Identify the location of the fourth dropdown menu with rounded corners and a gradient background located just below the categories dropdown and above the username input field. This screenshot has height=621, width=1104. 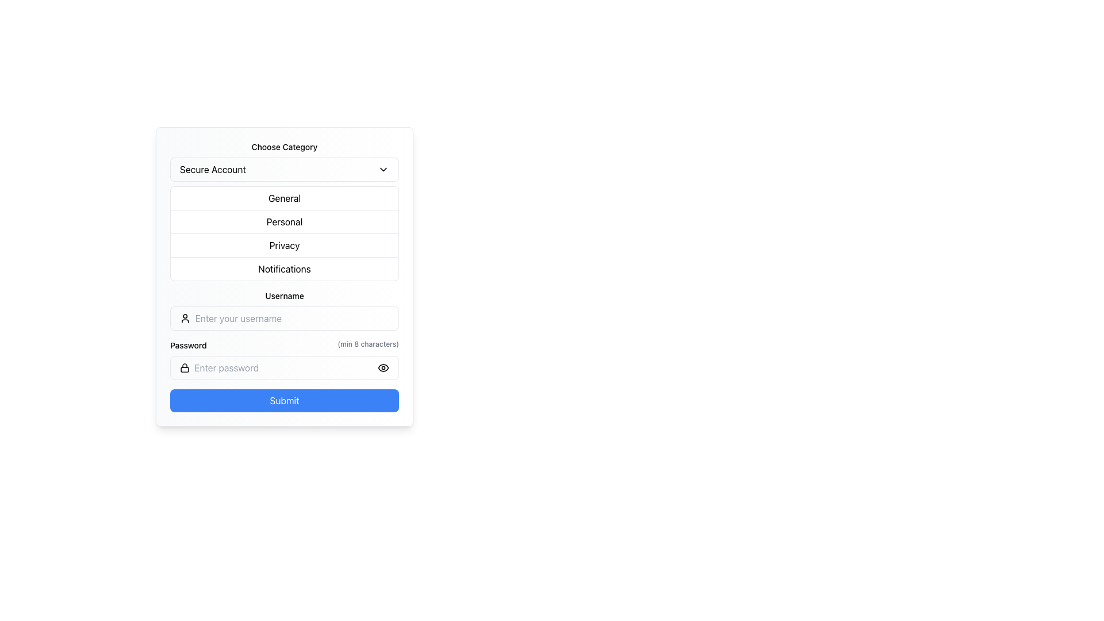
(284, 277).